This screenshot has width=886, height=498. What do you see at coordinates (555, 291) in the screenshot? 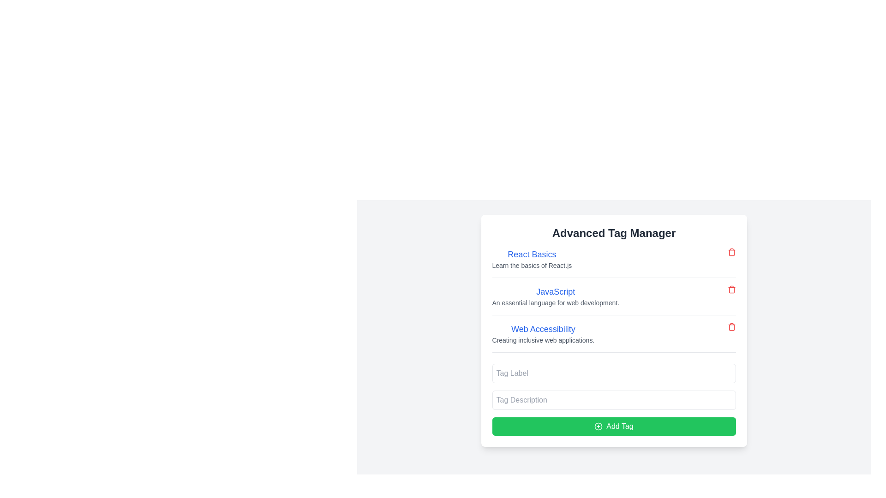
I see `the bold, blue text label that reads 'JavaScript' located in the second section of the 'Advanced Tag Manager' interface, above the description 'An essential language for web development.' and below the 'React Basics' section` at bounding box center [555, 291].